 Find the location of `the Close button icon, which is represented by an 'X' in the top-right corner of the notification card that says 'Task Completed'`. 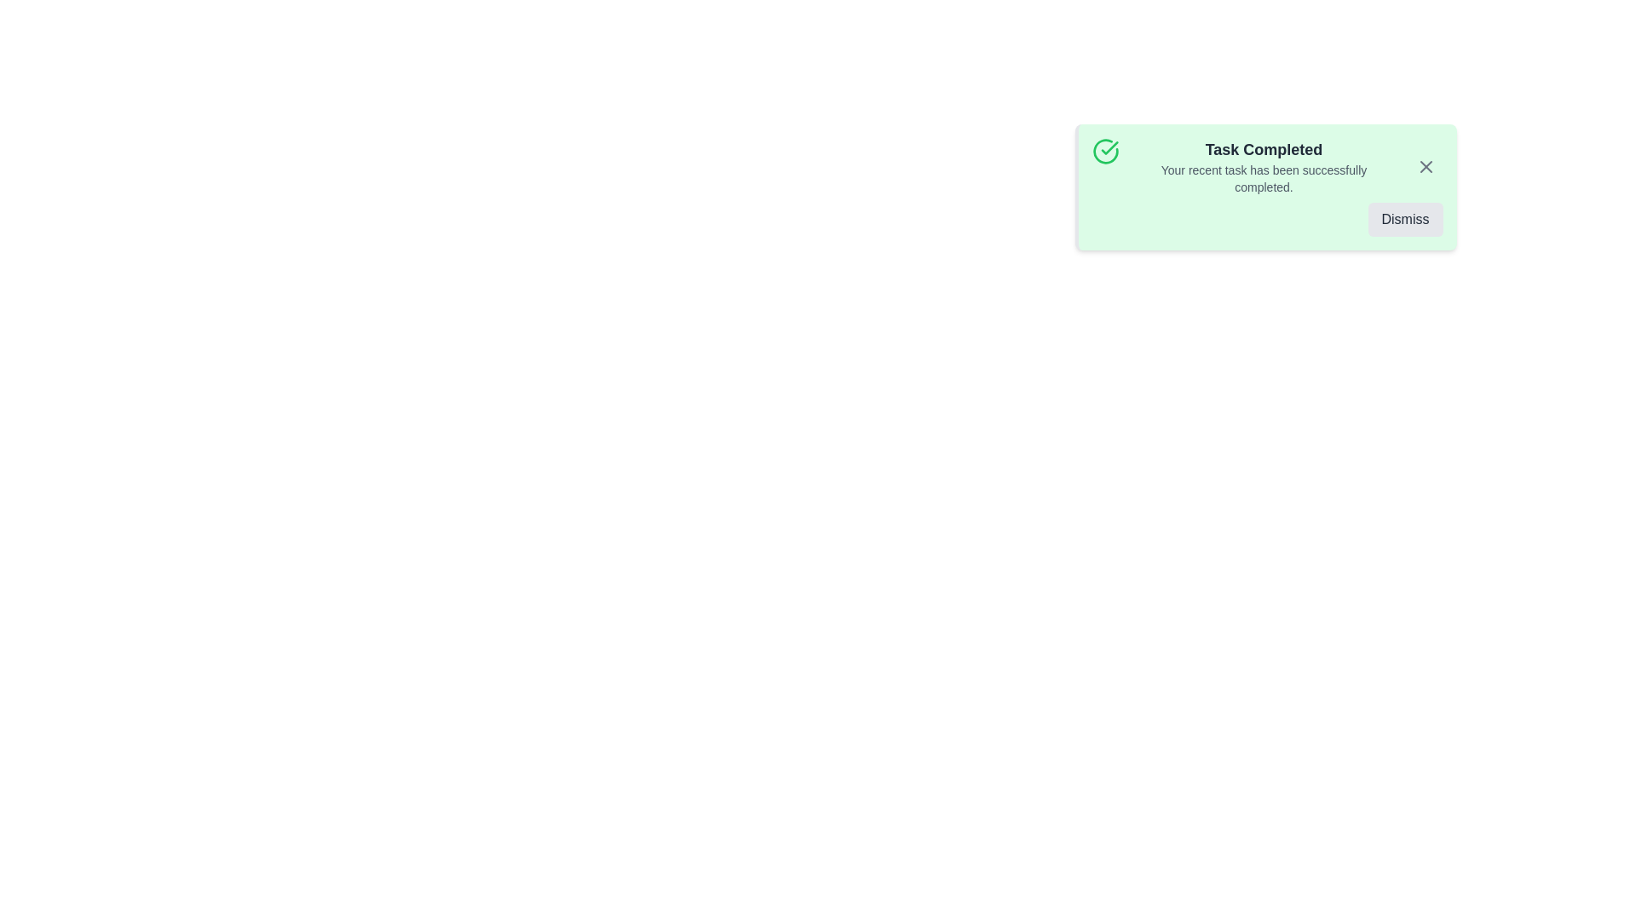

the Close button icon, which is represented by an 'X' in the top-right corner of the notification card that says 'Task Completed' is located at coordinates (1426, 167).